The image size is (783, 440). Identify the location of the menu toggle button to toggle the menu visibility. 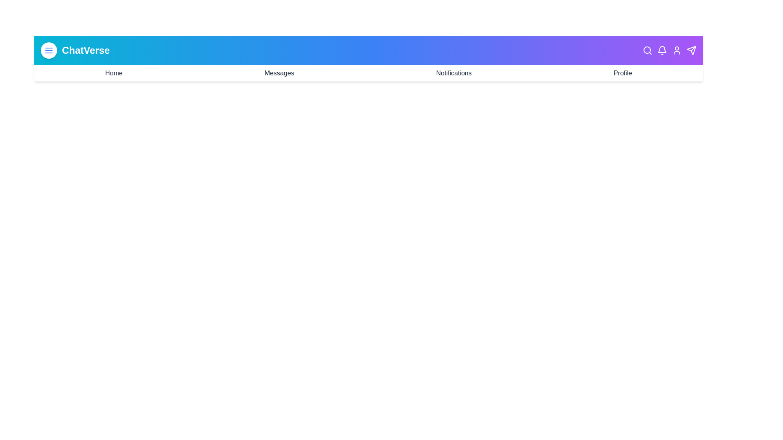
(49, 50).